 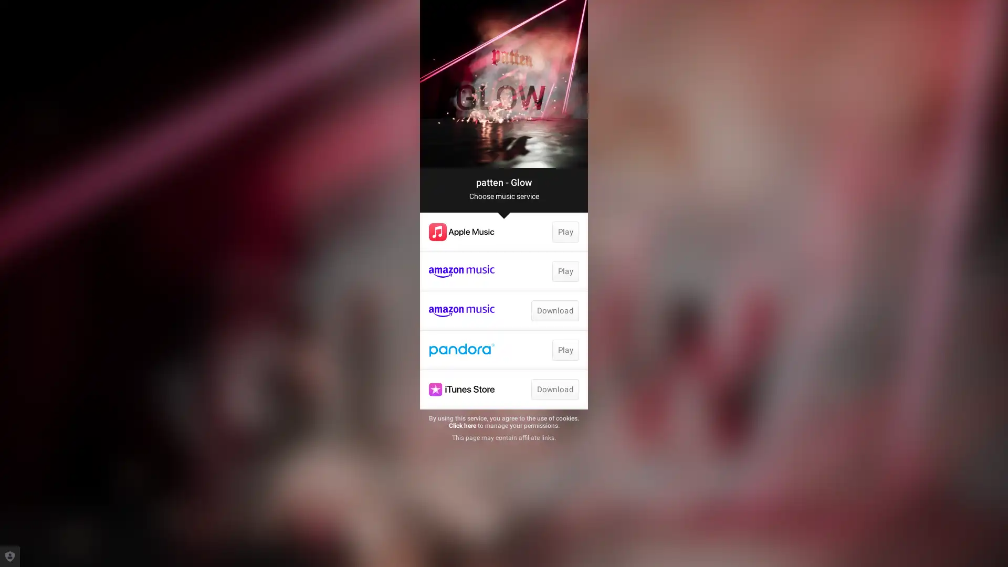 What do you see at coordinates (461, 425) in the screenshot?
I see `Click here` at bounding box center [461, 425].